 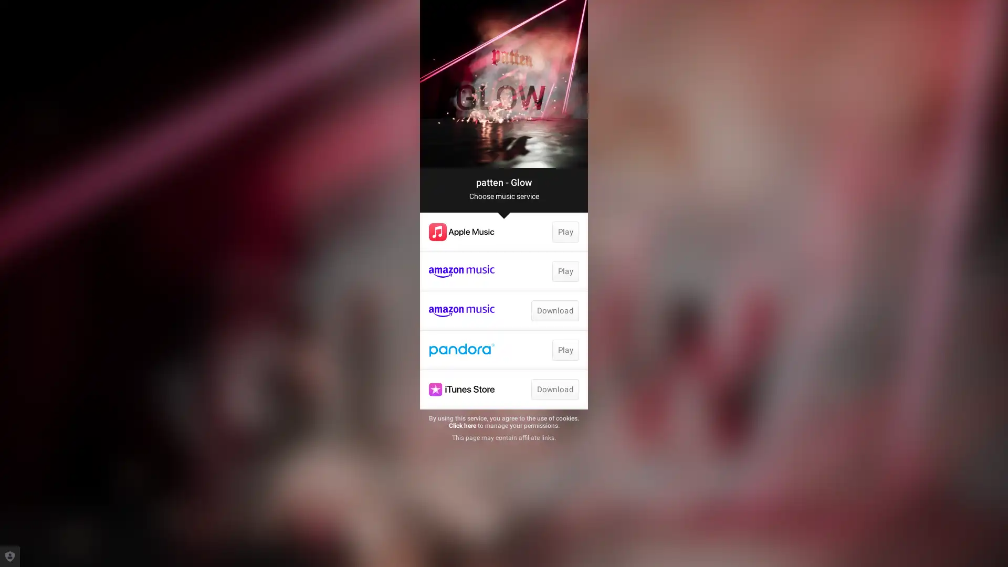 What do you see at coordinates (461, 425) in the screenshot?
I see `Click here` at bounding box center [461, 425].